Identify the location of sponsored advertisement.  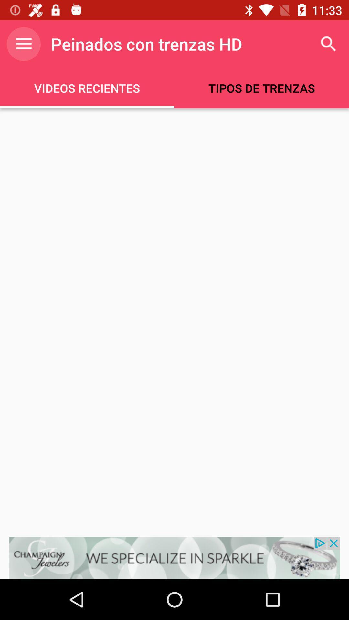
(174, 558).